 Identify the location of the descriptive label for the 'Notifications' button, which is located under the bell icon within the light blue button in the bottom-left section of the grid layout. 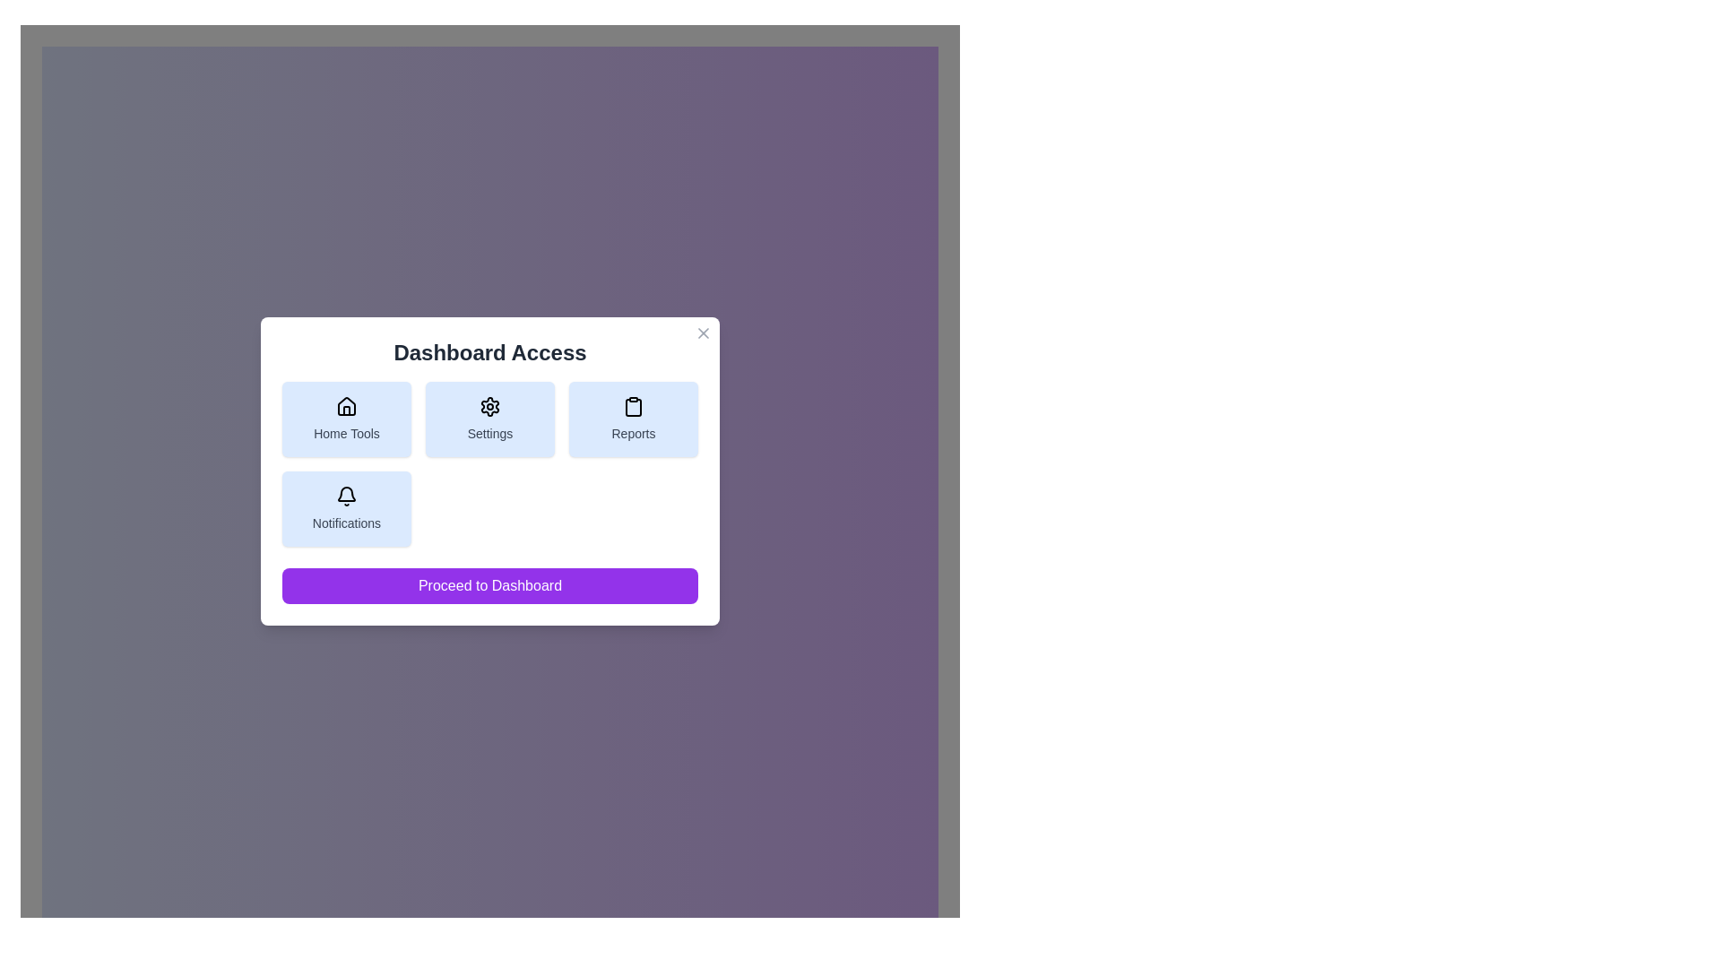
(347, 523).